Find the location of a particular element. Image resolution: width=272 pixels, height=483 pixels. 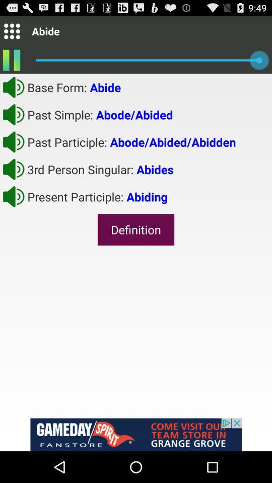

play/hear selection is located at coordinates (13, 114).